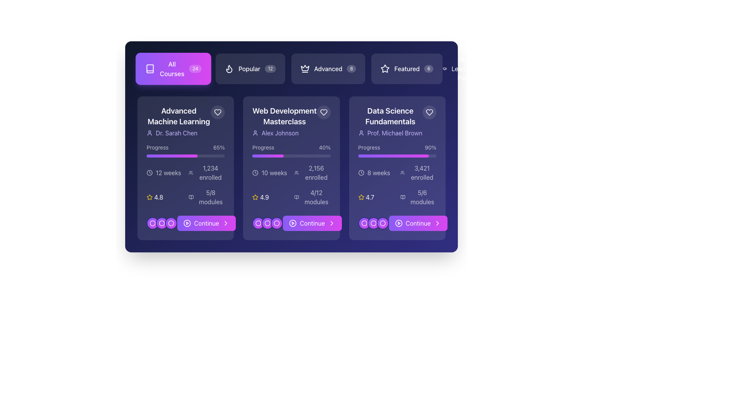 The width and height of the screenshot is (735, 413). I want to click on the 'Advanced' text label within the button, which is styled with a white font against a dark background and is part of a navigation menu, so click(328, 69).